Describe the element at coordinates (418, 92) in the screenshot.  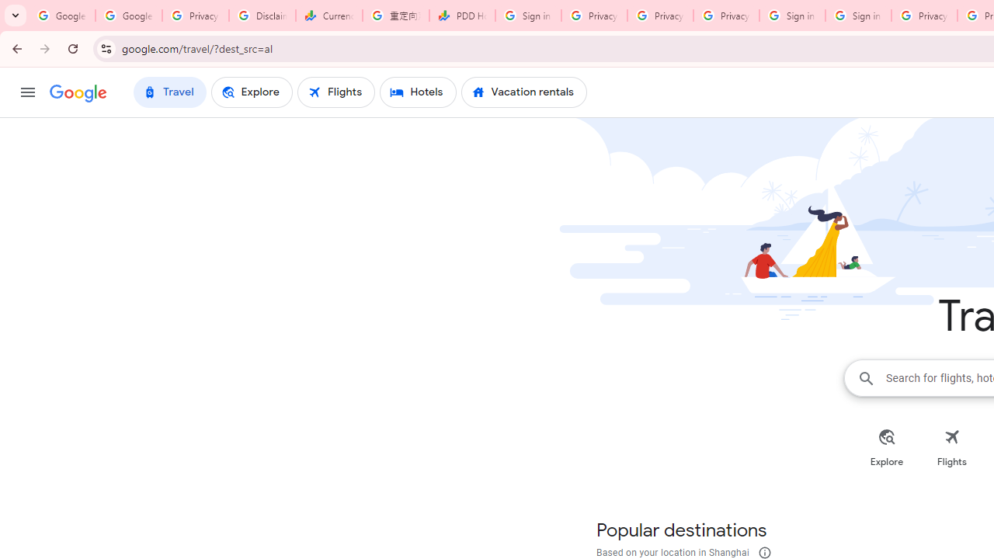
I see `'Hotels'` at that location.